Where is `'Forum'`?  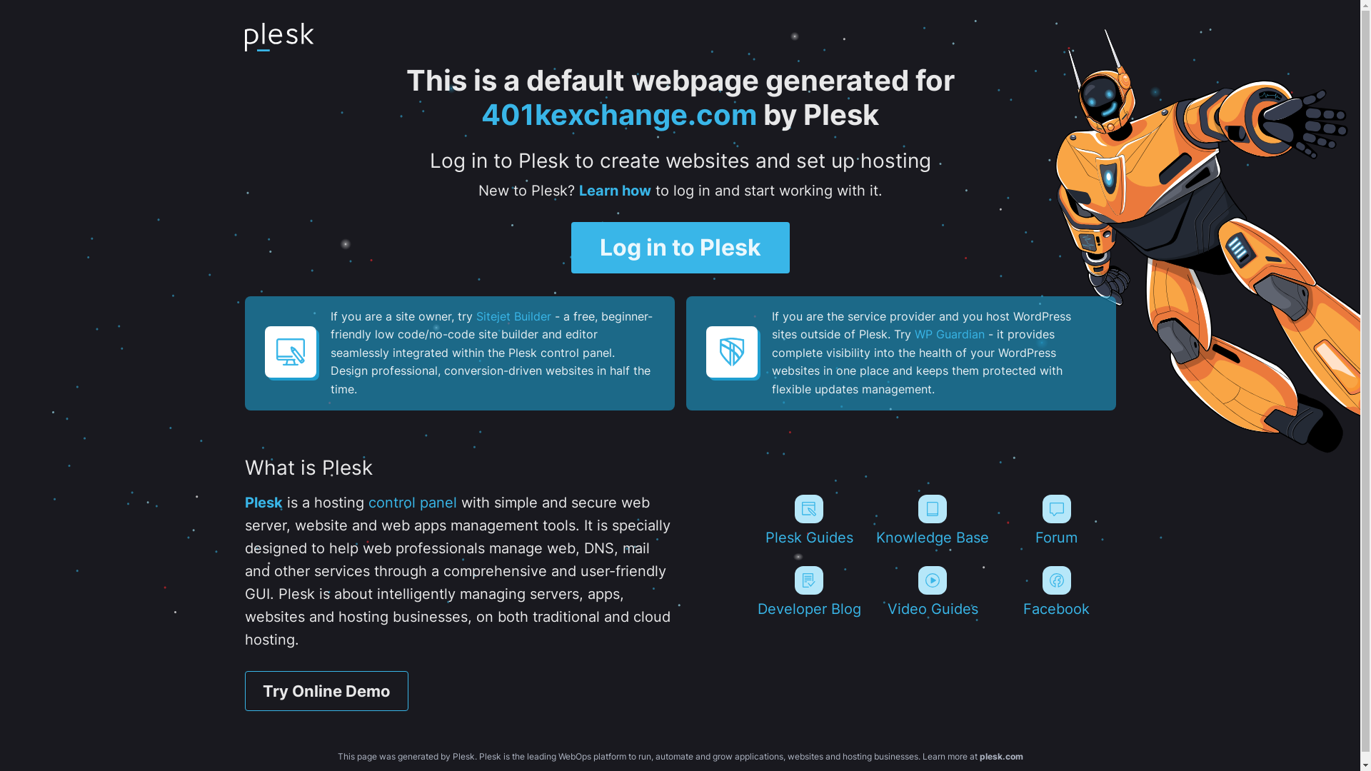 'Forum' is located at coordinates (1056, 520).